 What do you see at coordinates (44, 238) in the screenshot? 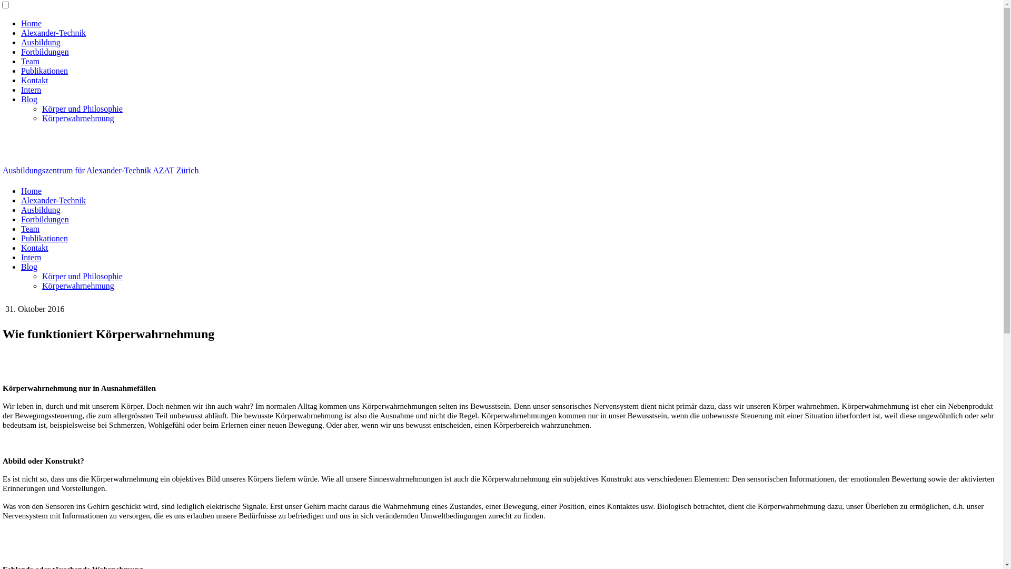
I see `'Publikationen'` at bounding box center [44, 238].